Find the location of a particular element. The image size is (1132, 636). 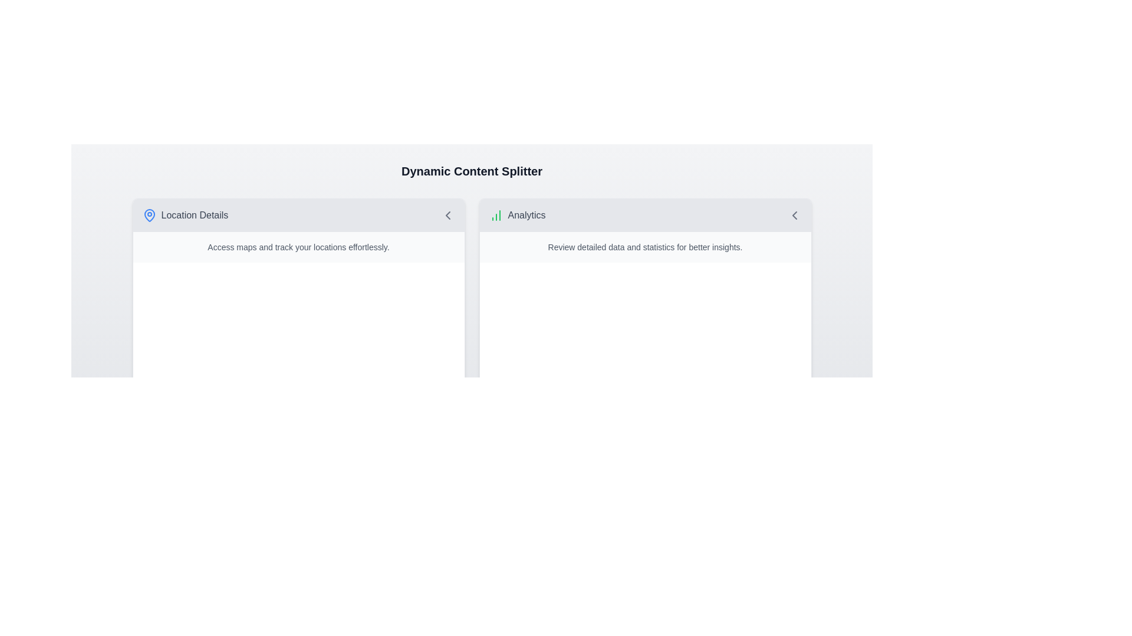

the left-pointing gray chevron icon located on the top-right edge of the 'Analytics' panel is located at coordinates (794, 216).